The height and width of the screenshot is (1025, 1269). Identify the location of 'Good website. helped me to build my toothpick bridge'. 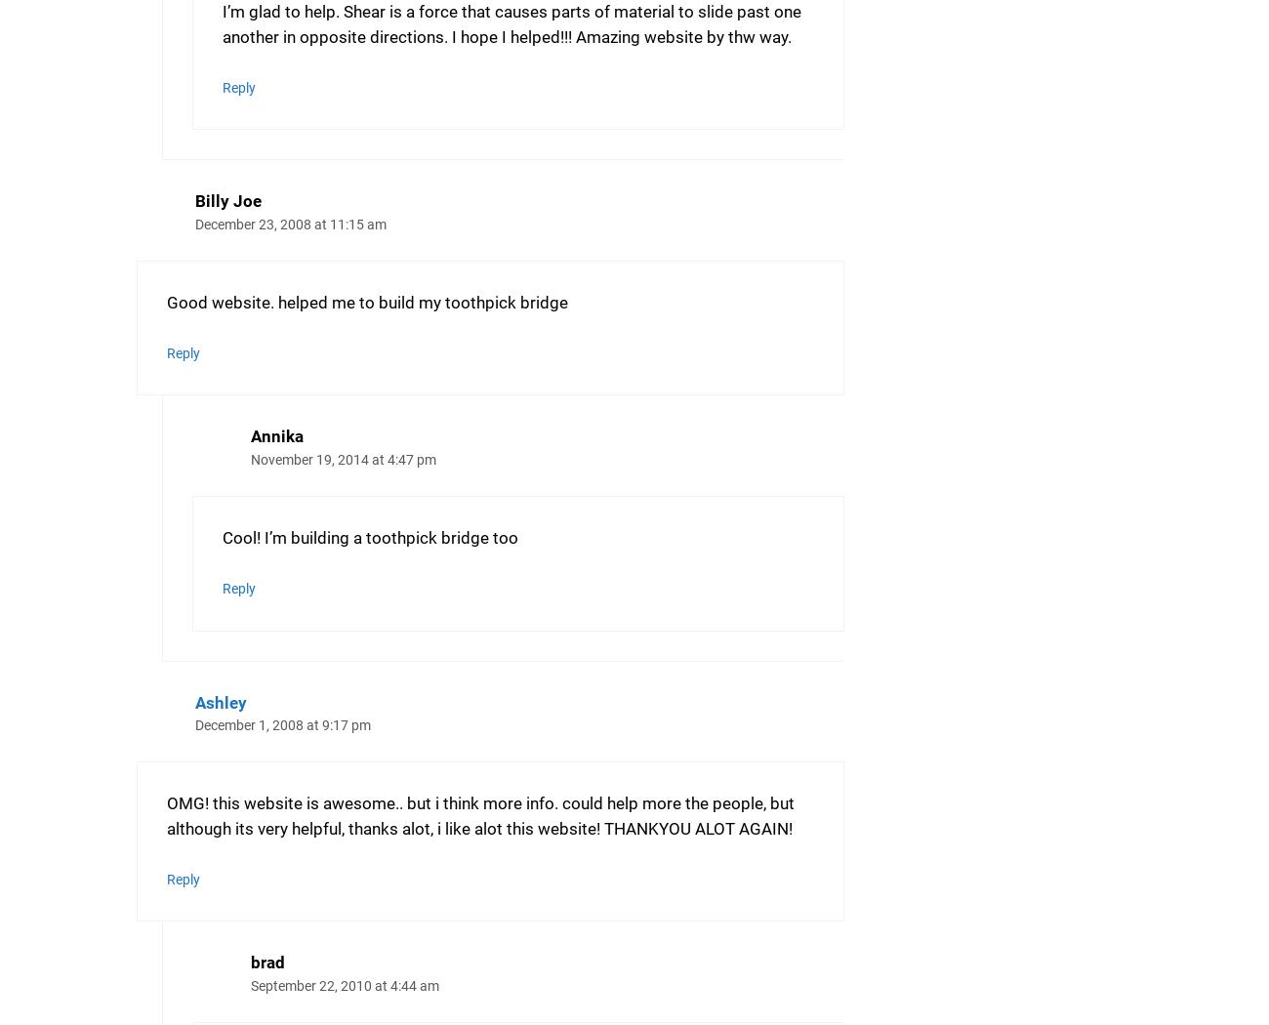
(366, 302).